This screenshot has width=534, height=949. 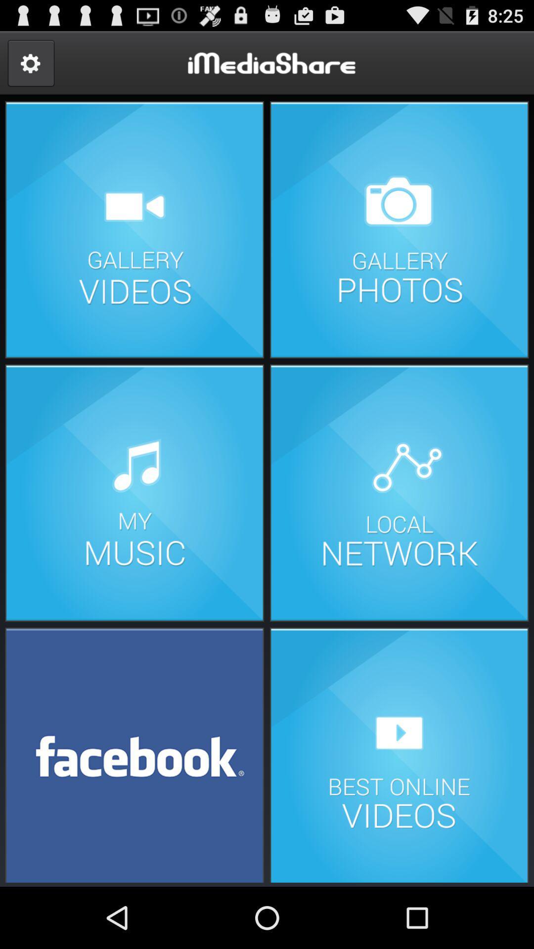 I want to click on connect to wifi, so click(x=399, y=493).